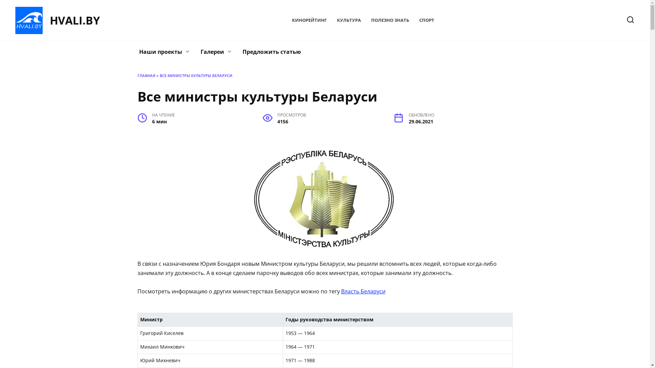 The width and height of the screenshot is (655, 368). Describe the element at coordinates (75, 20) in the screenshot. I see `'HVALI.BY'` at that location.